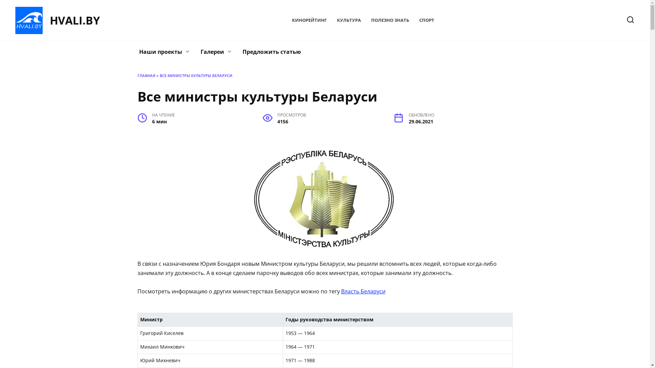 The width and height of the screenshot is (655, 368). Describe the element at coordinates (75, 20) in the screenshot. I see `'HVALI.BY'` at that location.